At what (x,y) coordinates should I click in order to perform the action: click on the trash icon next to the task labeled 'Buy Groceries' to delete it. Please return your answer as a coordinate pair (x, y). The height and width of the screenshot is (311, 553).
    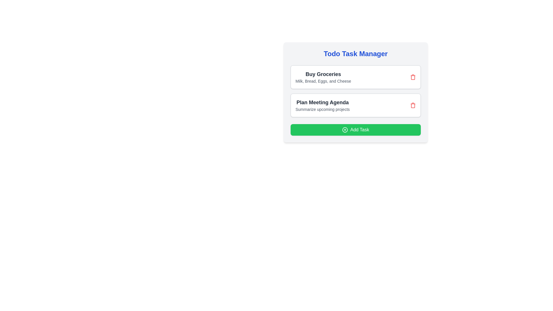
    Looking at the image, I should click on (413, 77).